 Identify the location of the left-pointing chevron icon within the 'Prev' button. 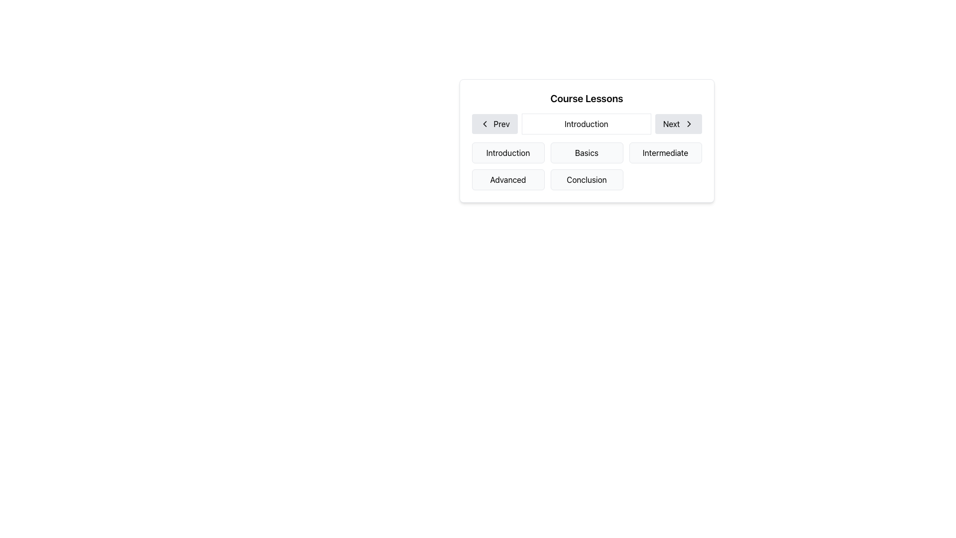
(484, 124).